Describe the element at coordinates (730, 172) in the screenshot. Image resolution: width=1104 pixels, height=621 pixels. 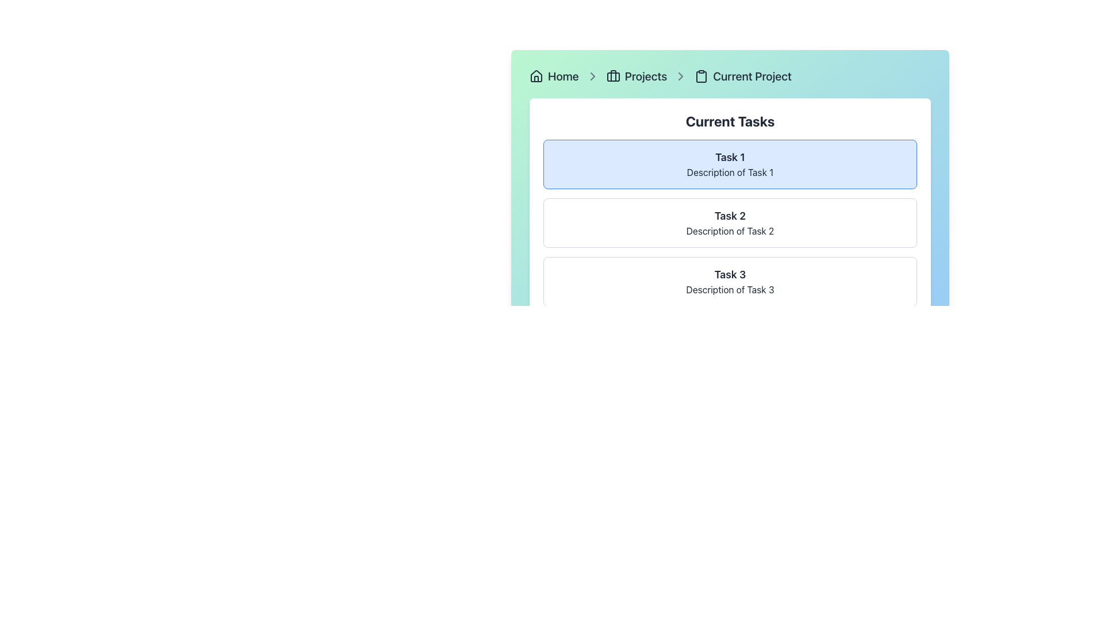
I see `the static text providing contextual information for 'Task 1', located at the bottom of the 'Task 1' card` at that location.